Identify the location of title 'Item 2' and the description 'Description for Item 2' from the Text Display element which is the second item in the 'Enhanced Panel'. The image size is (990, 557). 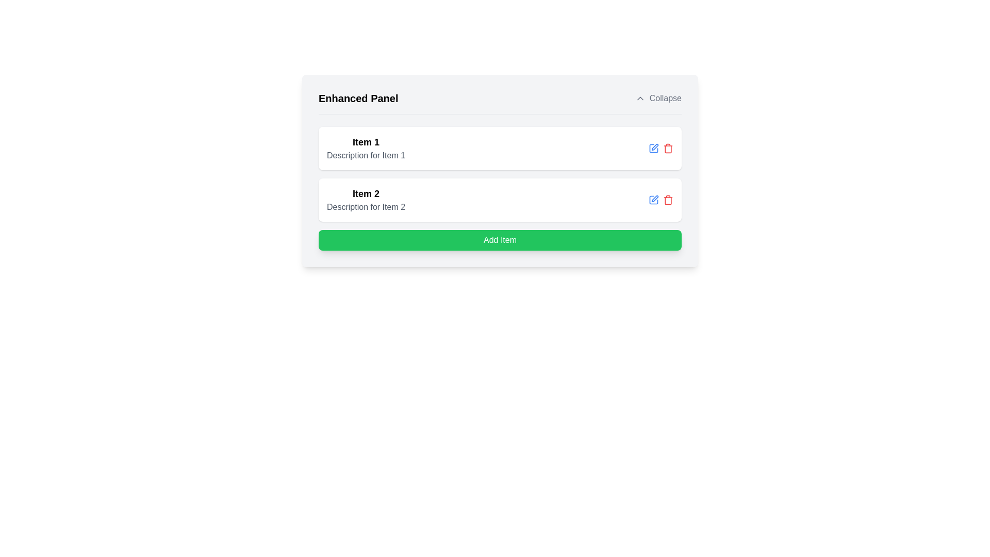
(366, 200).